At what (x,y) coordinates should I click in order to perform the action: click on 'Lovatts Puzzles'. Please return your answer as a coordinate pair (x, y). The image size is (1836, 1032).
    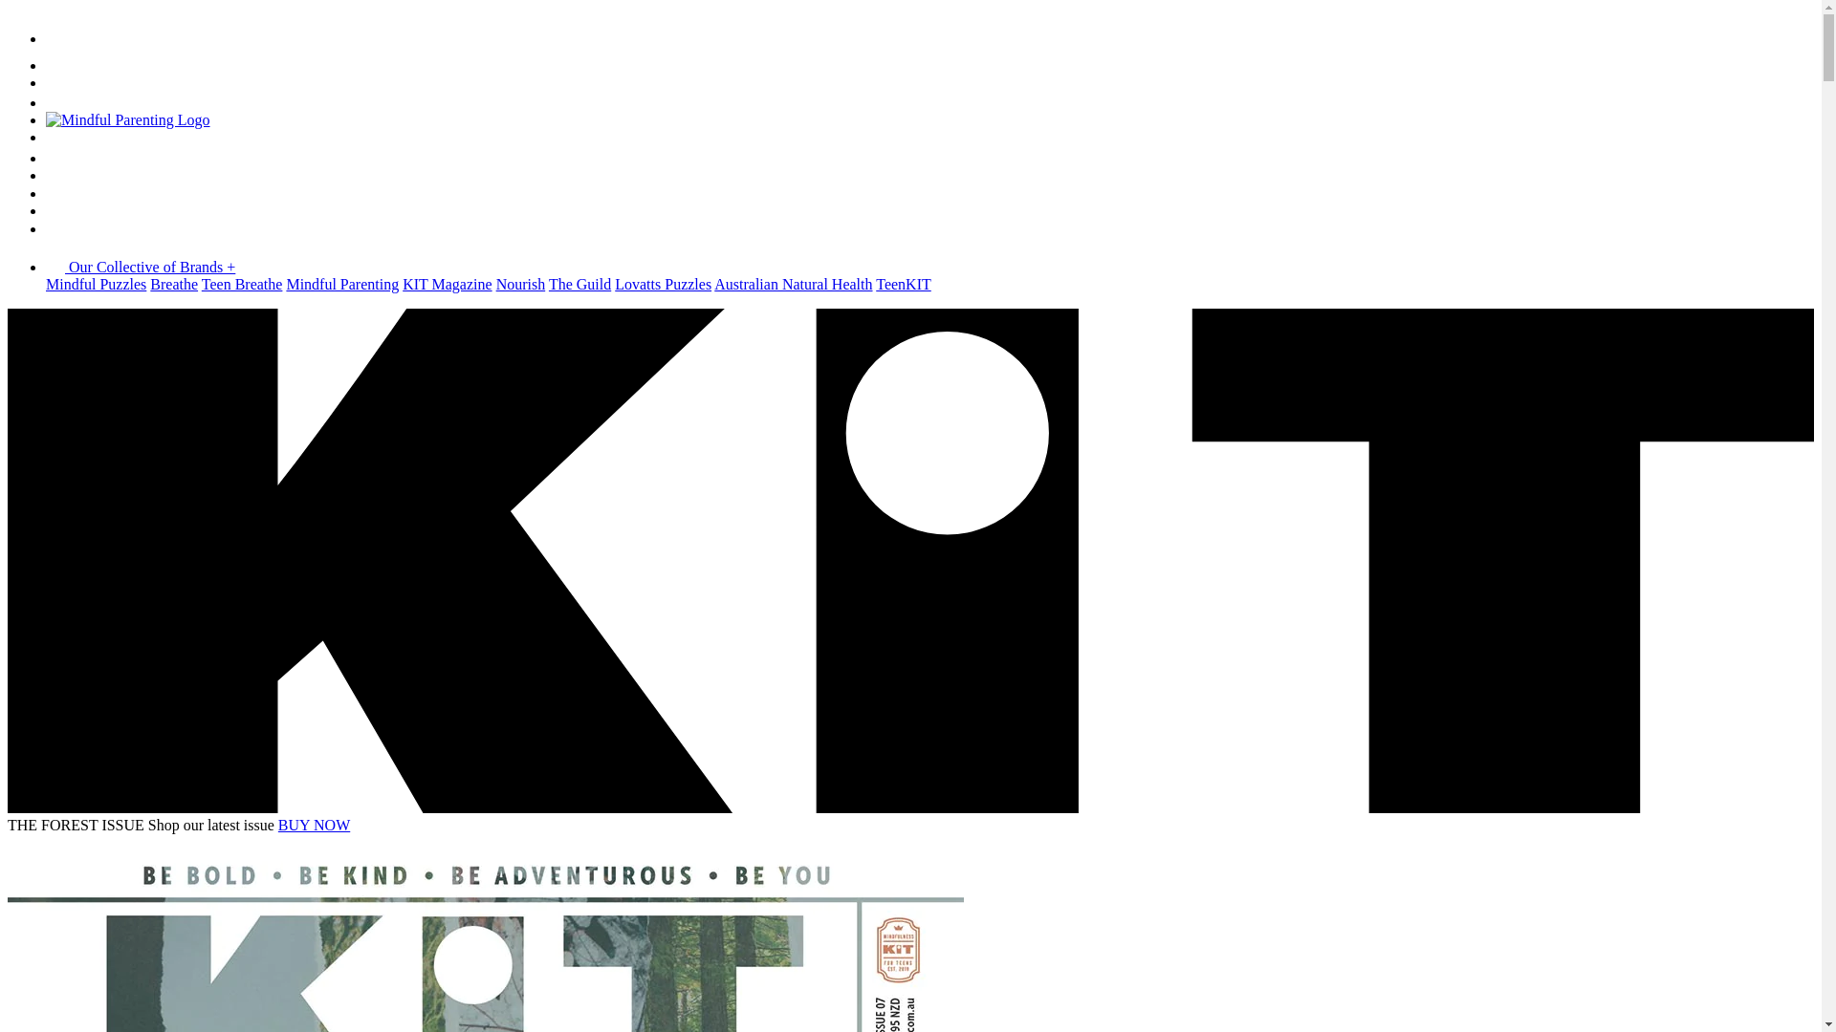
    Looking at the image, I should click on (663, 284).